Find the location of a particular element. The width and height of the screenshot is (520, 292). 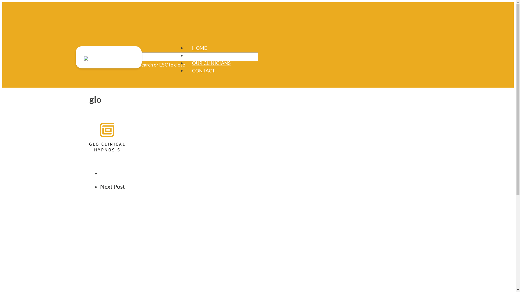

'OUR CLINICIANS' is located at coordinates (211, 62).